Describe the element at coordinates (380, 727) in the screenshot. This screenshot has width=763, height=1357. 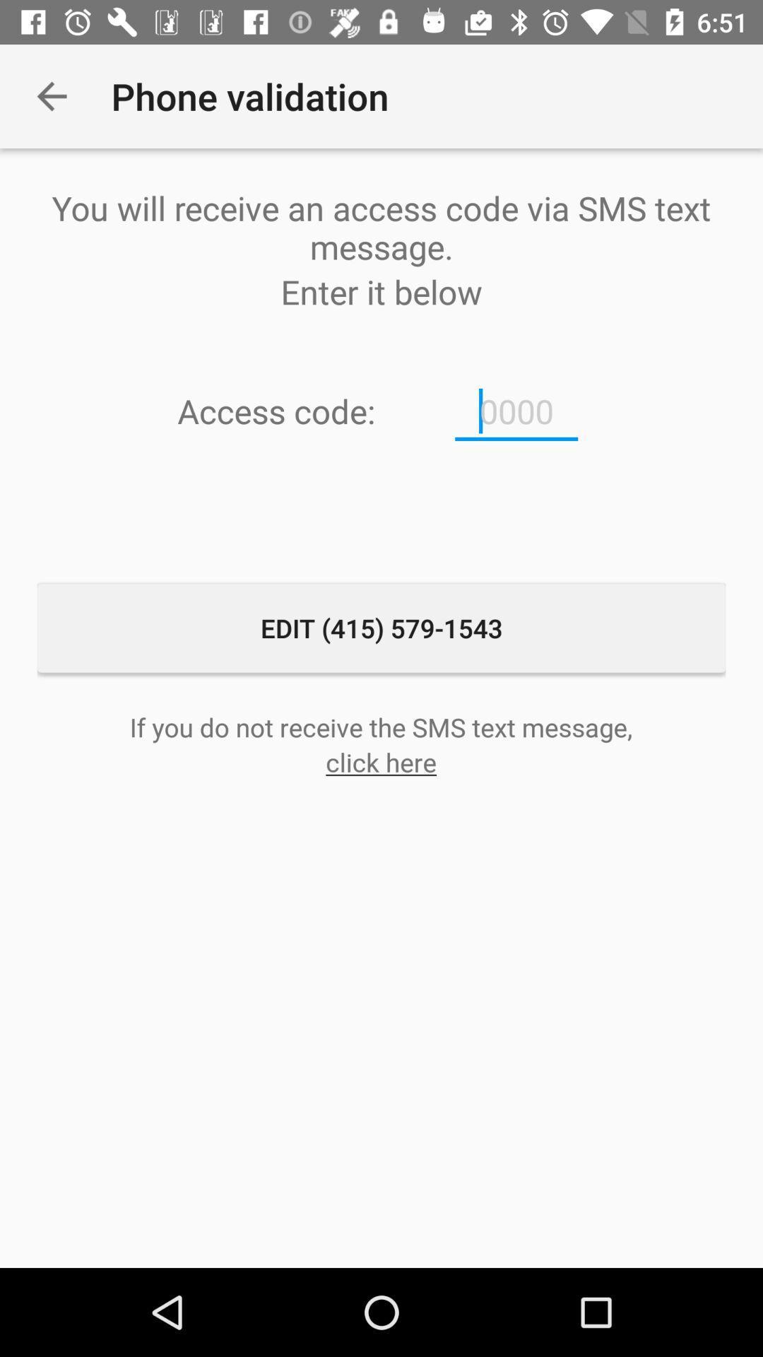
I see `the icon above the click here icon` at that location.